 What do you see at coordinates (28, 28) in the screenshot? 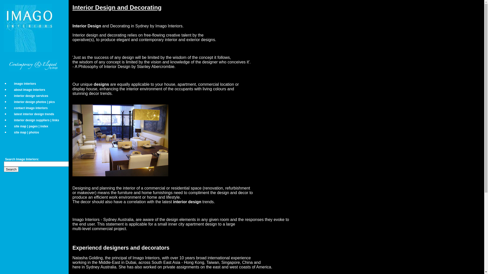
I see `'Imago Interiors logo'` at bounding box center [28, 28].